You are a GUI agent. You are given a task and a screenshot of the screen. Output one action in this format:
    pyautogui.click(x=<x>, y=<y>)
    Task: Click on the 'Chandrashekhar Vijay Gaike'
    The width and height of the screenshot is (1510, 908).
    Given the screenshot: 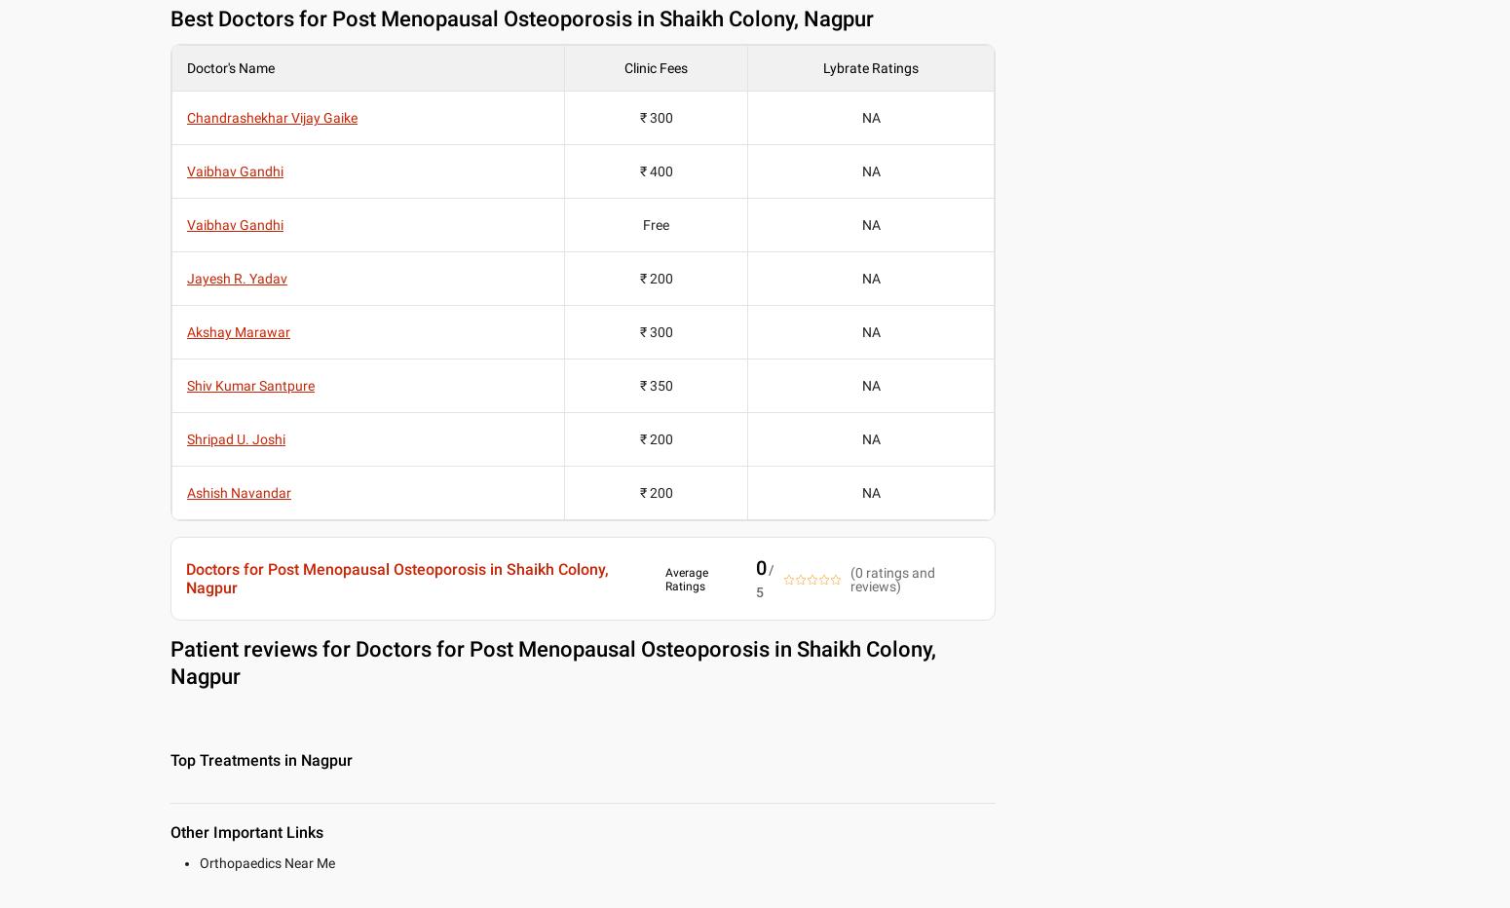 What is the action you would take?
    pyautogui.click(x=272, y=116)
    